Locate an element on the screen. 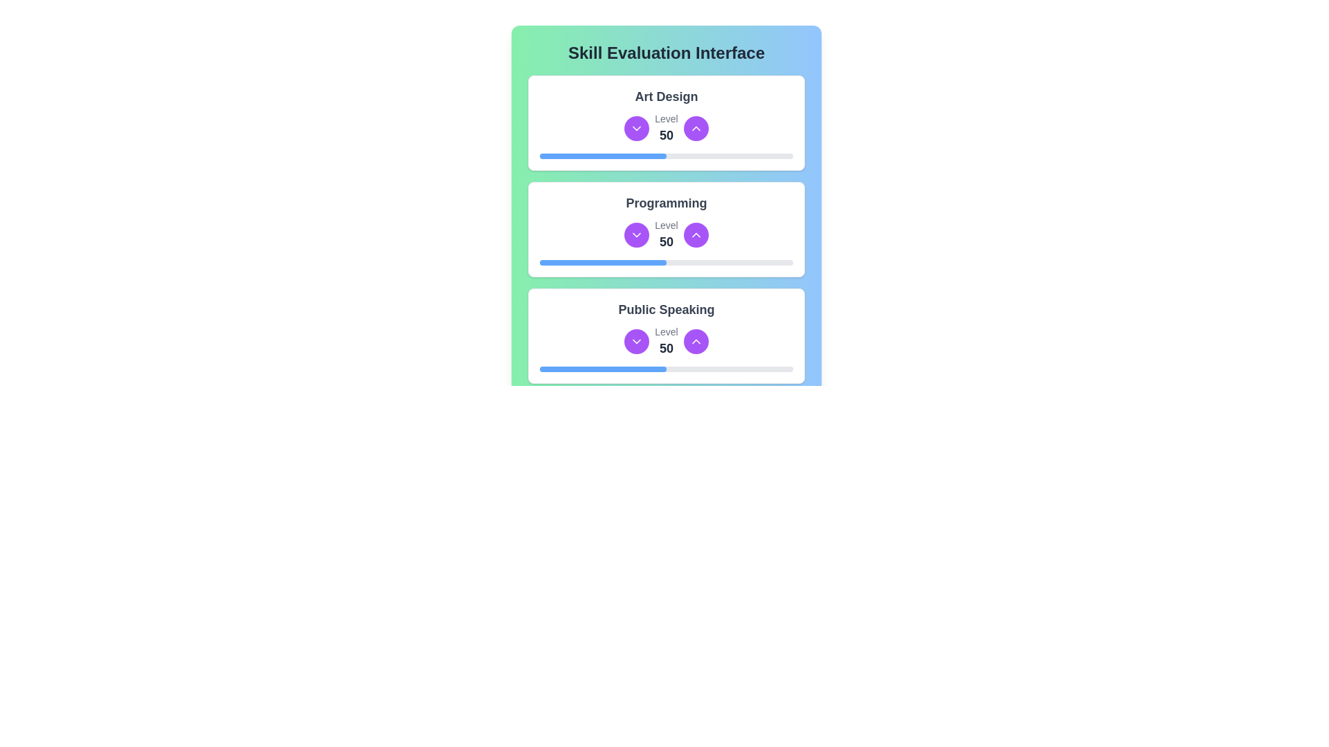 This screenshot has width=1329, height=747. the text label that indicates the 'Level' metric, which is positioned centrally above the numeric value '50' in the 'Programming' section of the interface is located at coordinates (667, 225).